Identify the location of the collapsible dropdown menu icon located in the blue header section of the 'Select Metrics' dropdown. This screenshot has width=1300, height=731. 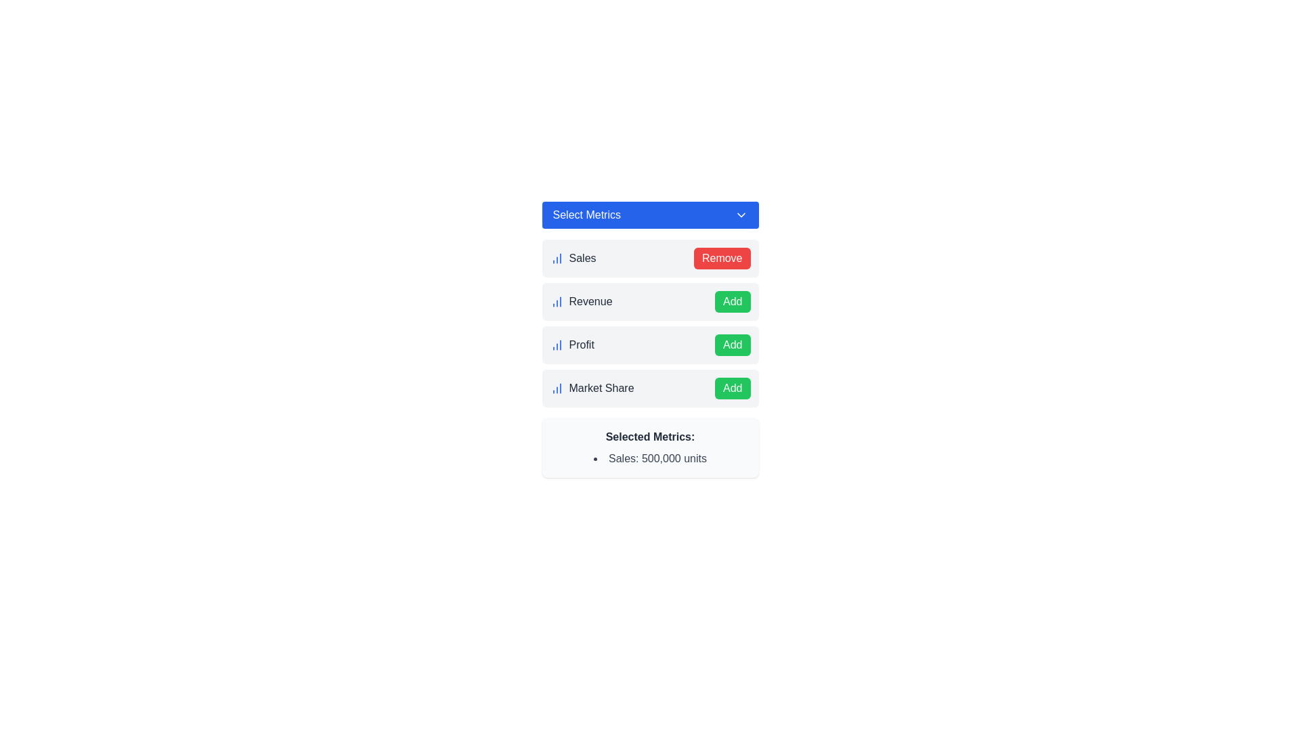
(740, 214).